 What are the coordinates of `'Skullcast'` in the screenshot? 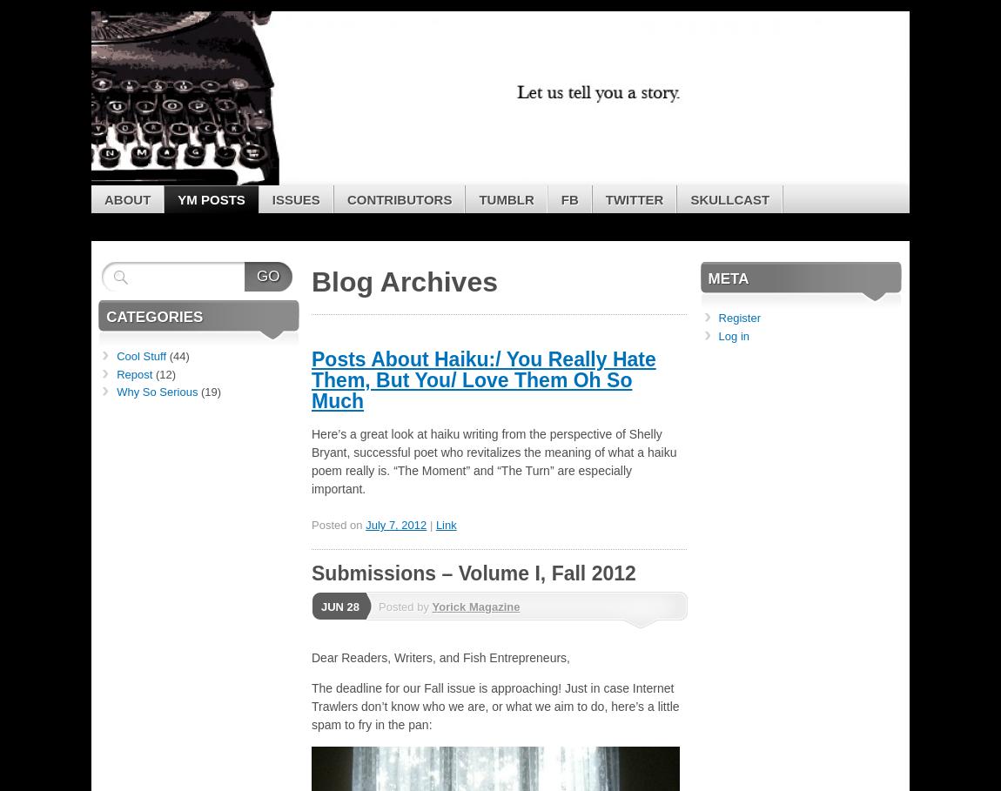 It's located at (729, 198).